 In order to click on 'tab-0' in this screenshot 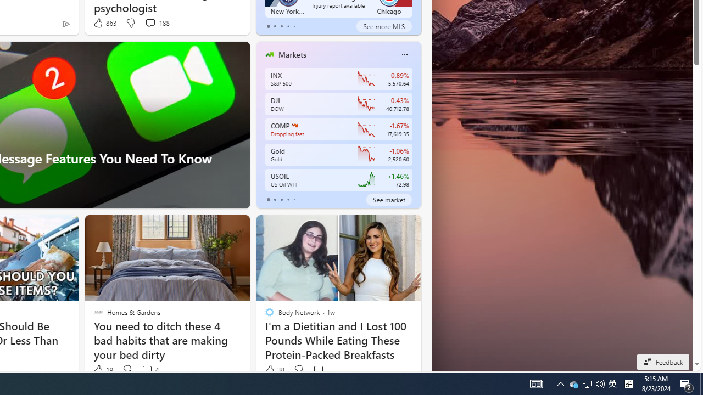, I will do `click(268, 199)`.